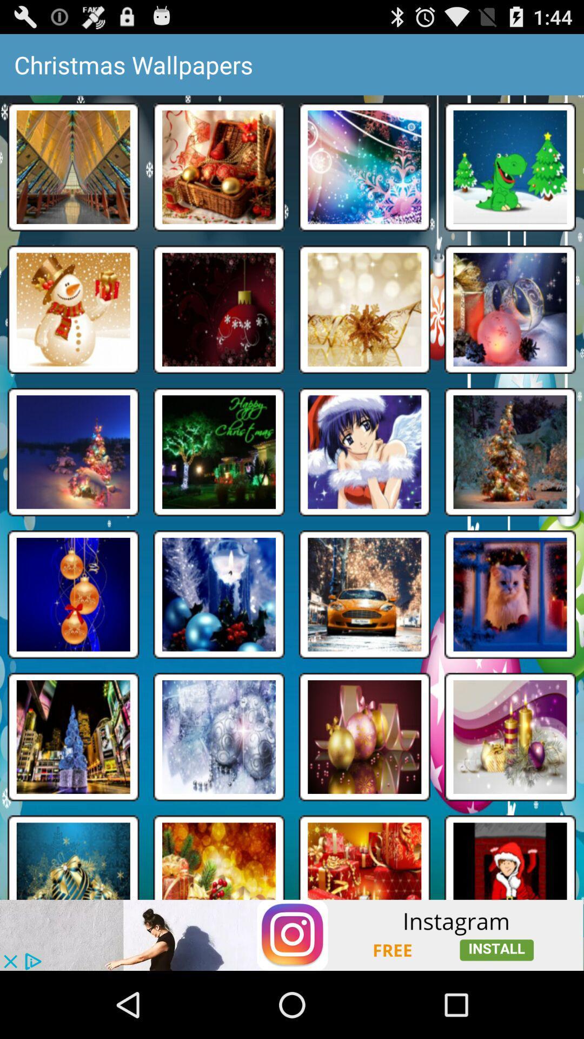 Image resolution: width=584 pixels, height=1039 pixels. Describe the element at coordinates (219, 308) in the screenshot. I see `second option in second row` at that location.